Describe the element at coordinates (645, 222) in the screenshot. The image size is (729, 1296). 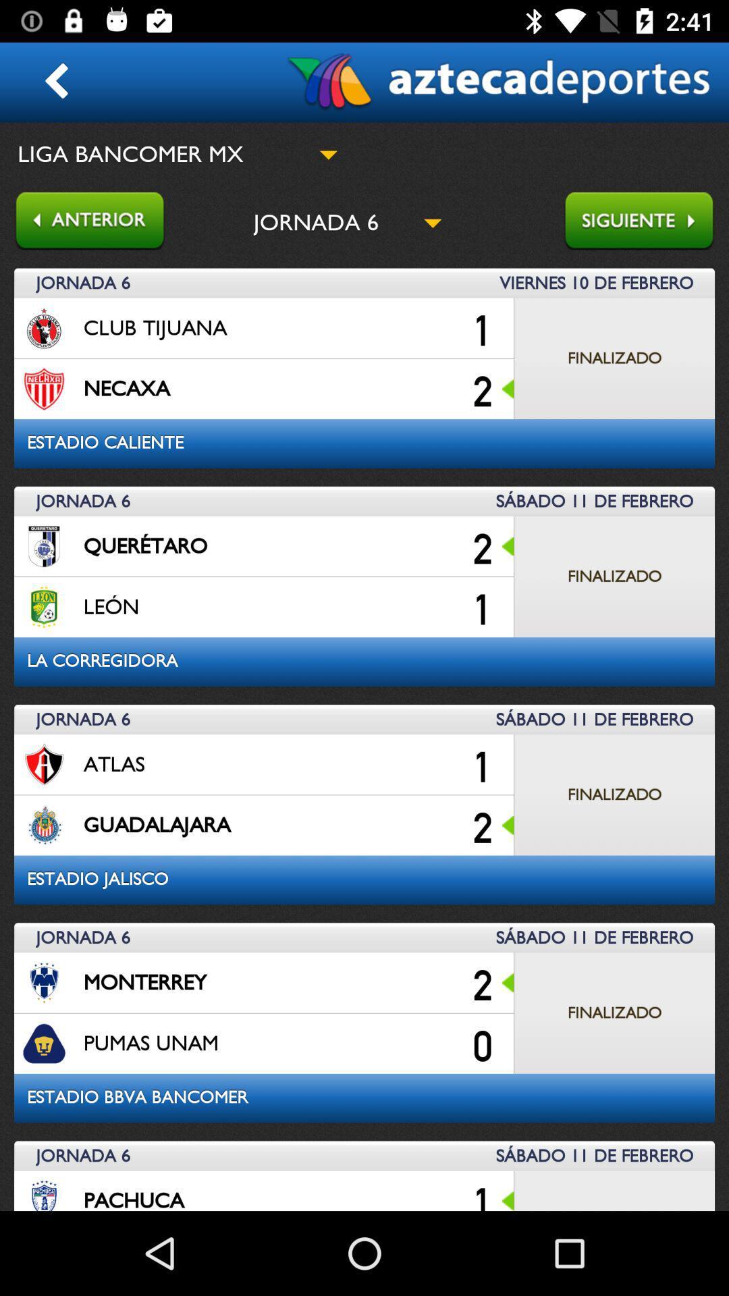
I see `forword` at that location.